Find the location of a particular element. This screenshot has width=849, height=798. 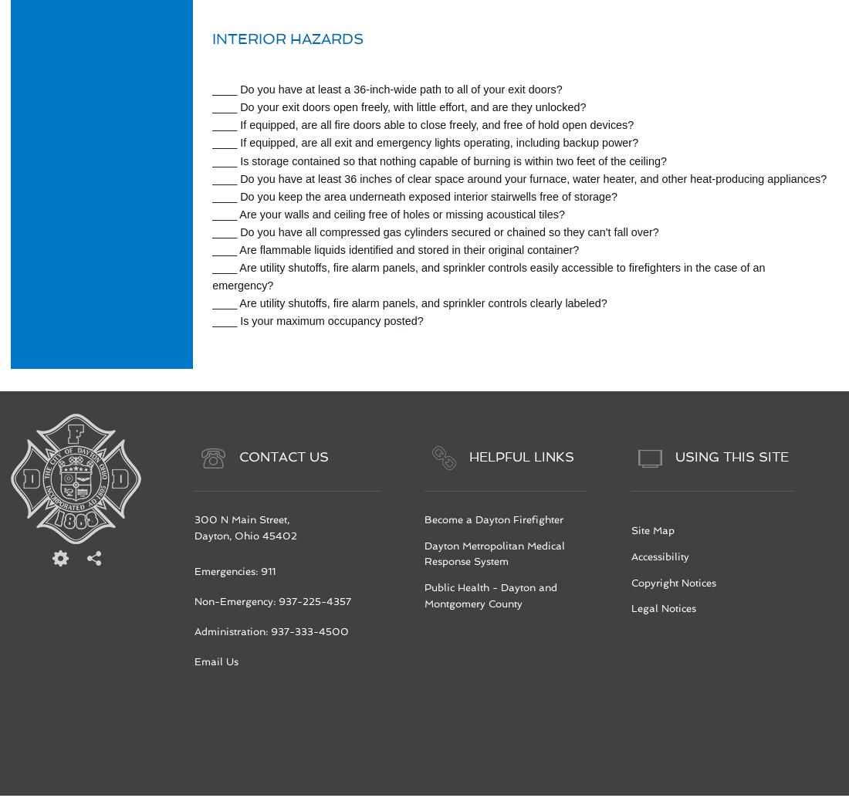

'____ Are utility shutoffs, fire alarm panels, and sprinkler controls clearly labeled?' is located at coordinates (409, 301).